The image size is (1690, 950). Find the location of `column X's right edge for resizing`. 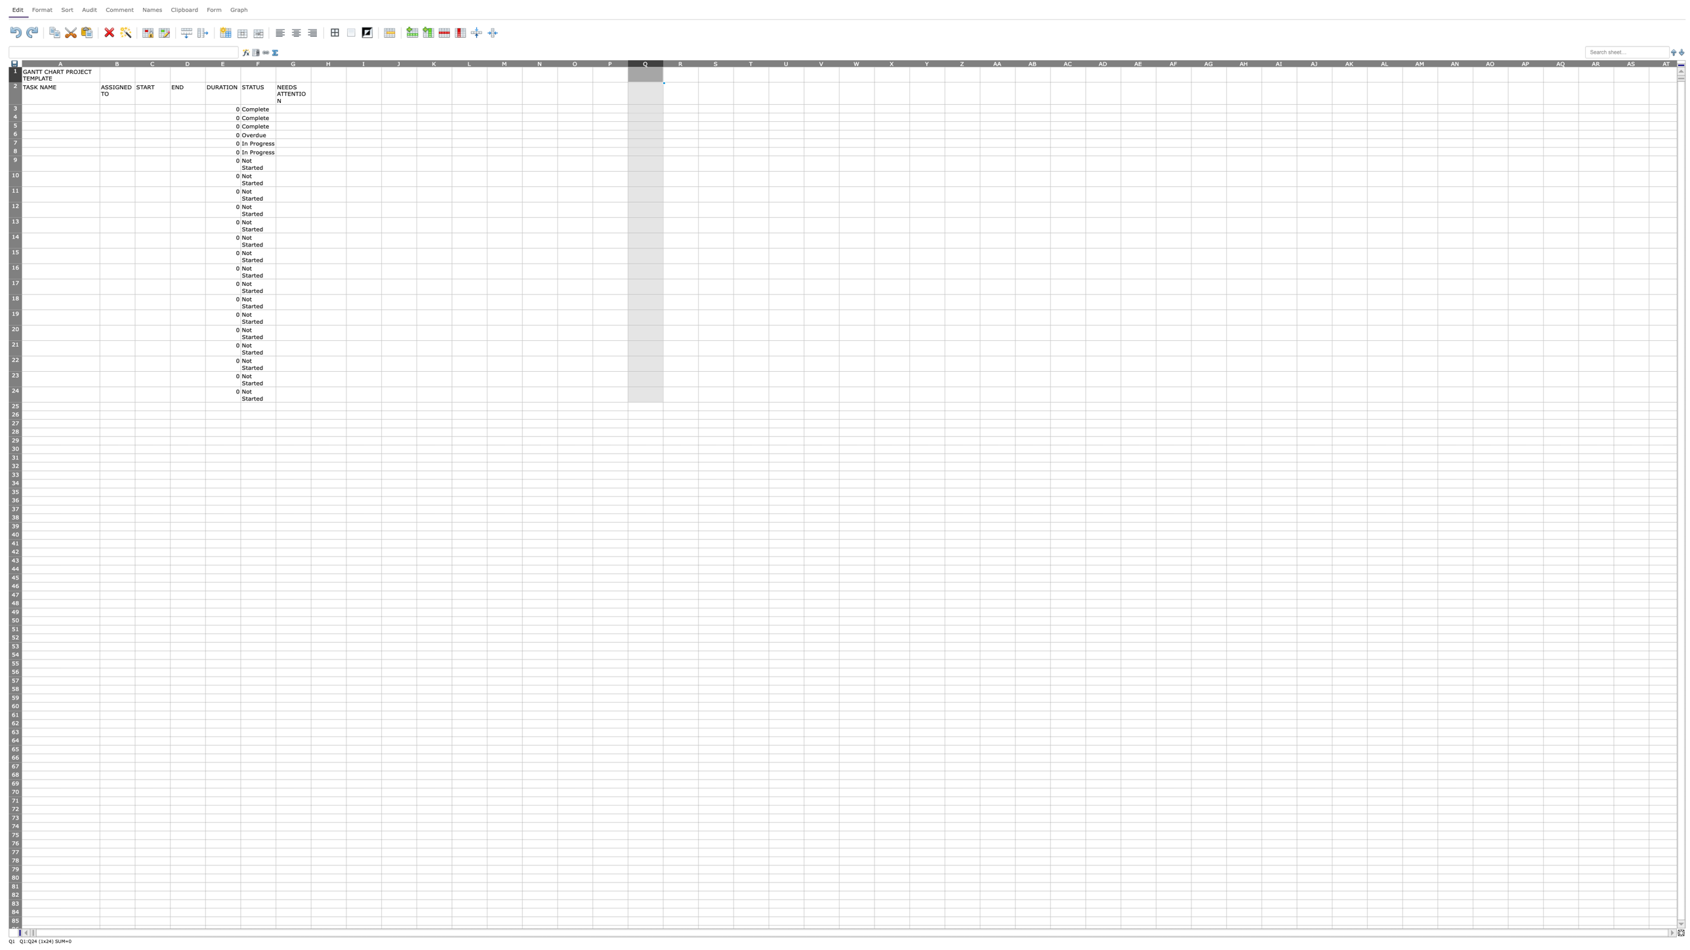

column X's right edge for resizing is located at coordinates (909, 62).